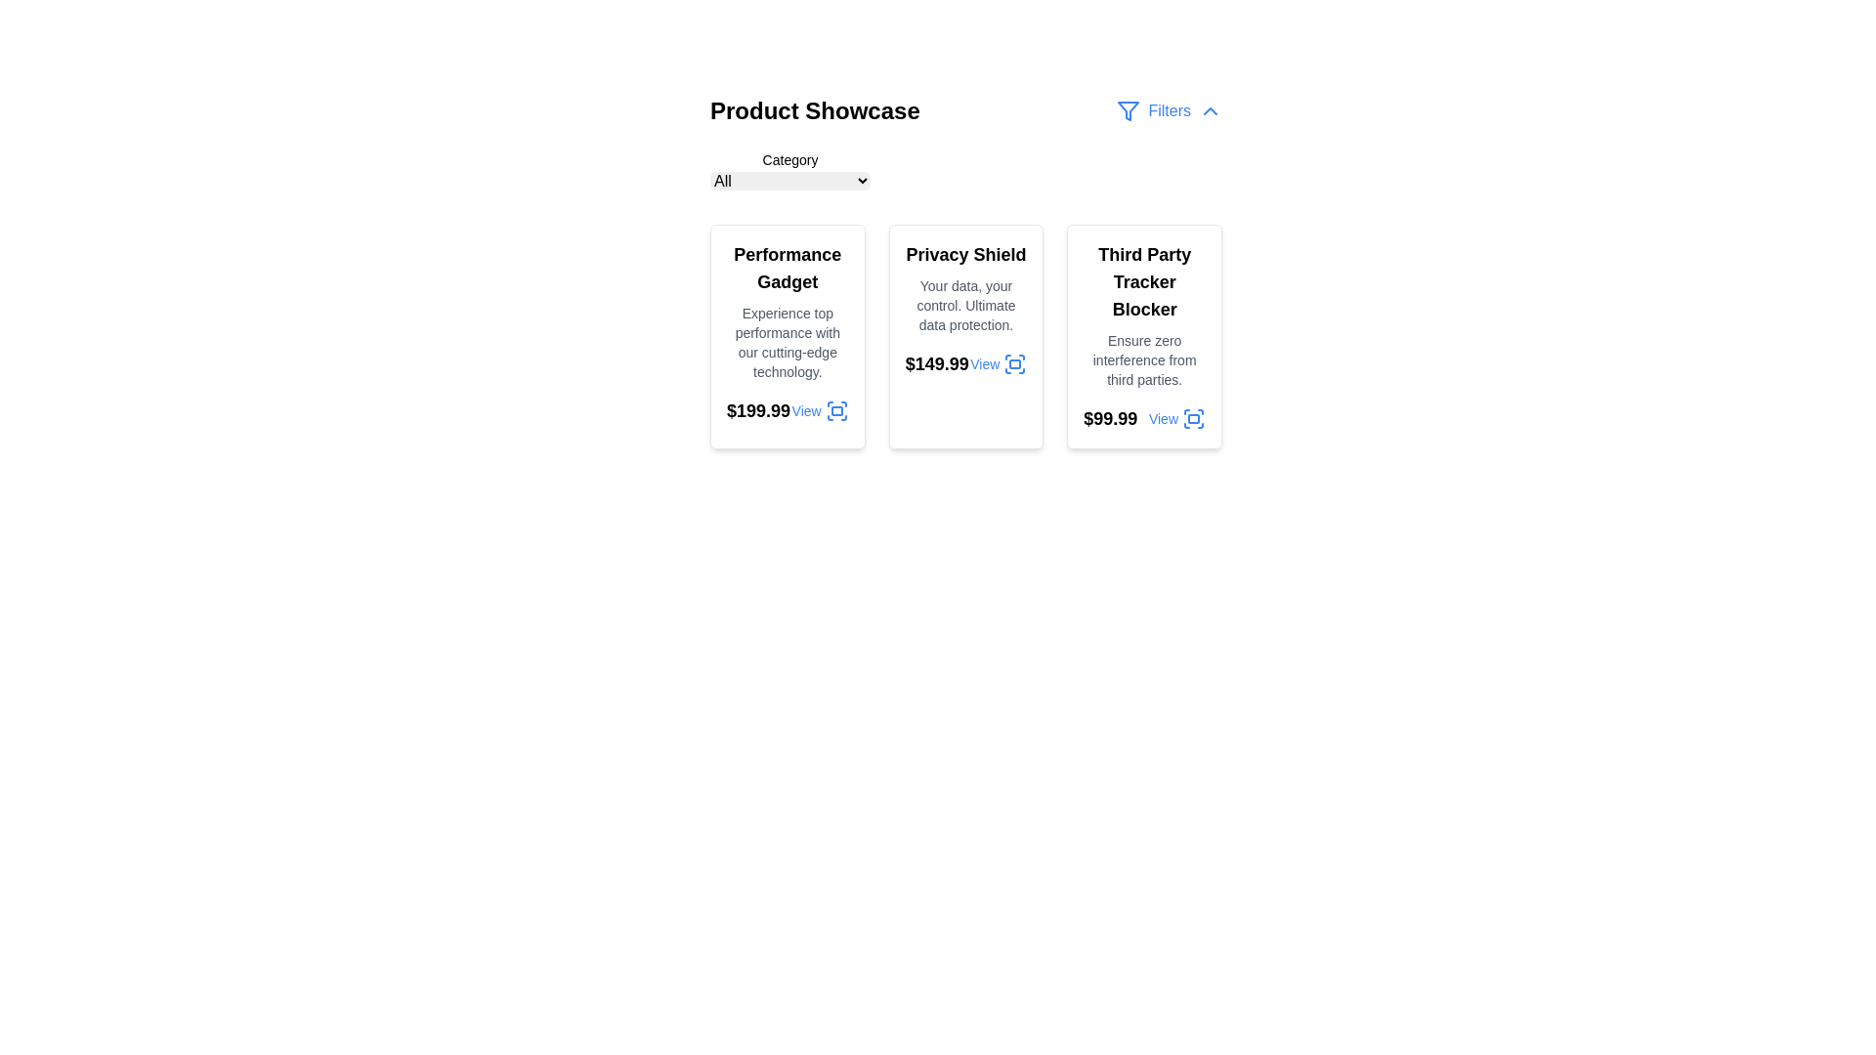 This screenshot has width=1876, height=1055. I want to click on the enlarge icon in the bottom-right corner of the third card in the 'Product Showcase' section to activate keyboard accessibility for the 'Third Party Tracker Blocker' product, so click(1193, 417).